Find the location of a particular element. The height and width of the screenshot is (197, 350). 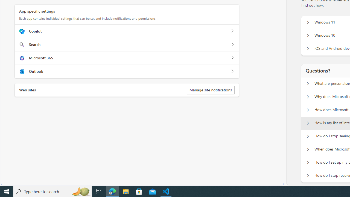

'Manage personalized ads on your device Windows 11' is located at coordinates (308, 22).